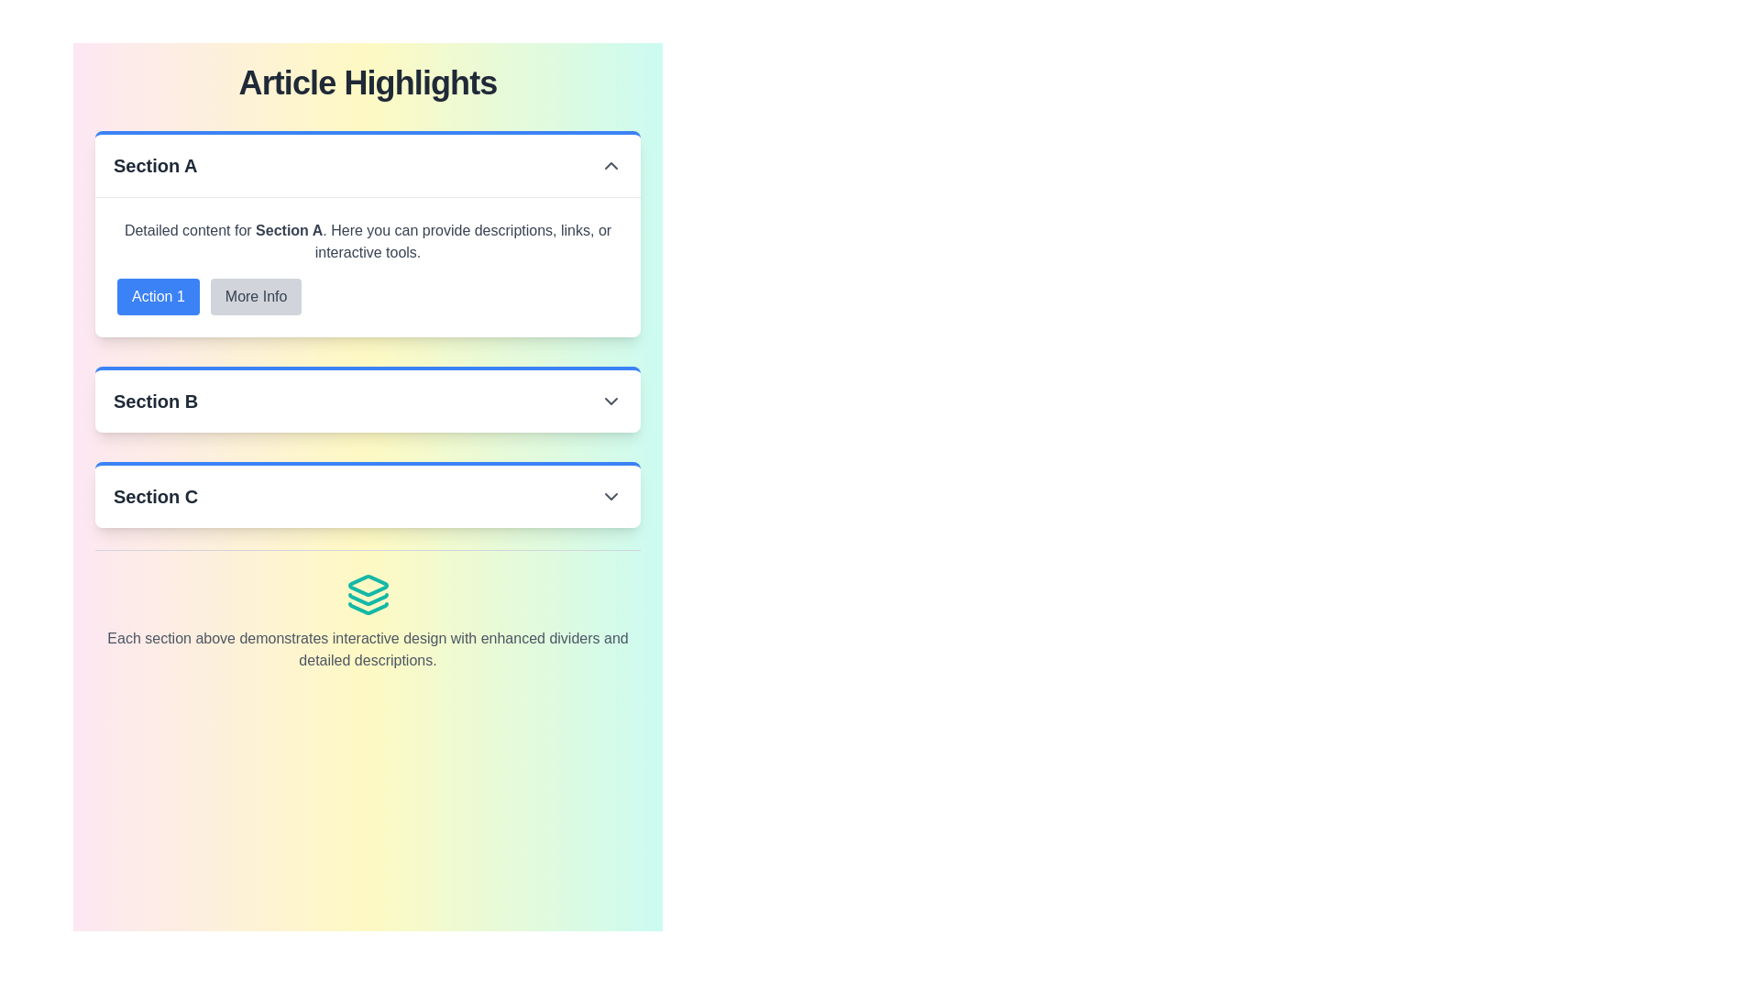 The width and height of the screenshot is (1760, 990). I want to click on the text label displaying 'Section A' which is prominently positioned within the content of the 'Section A' panel, so click(288, 229).